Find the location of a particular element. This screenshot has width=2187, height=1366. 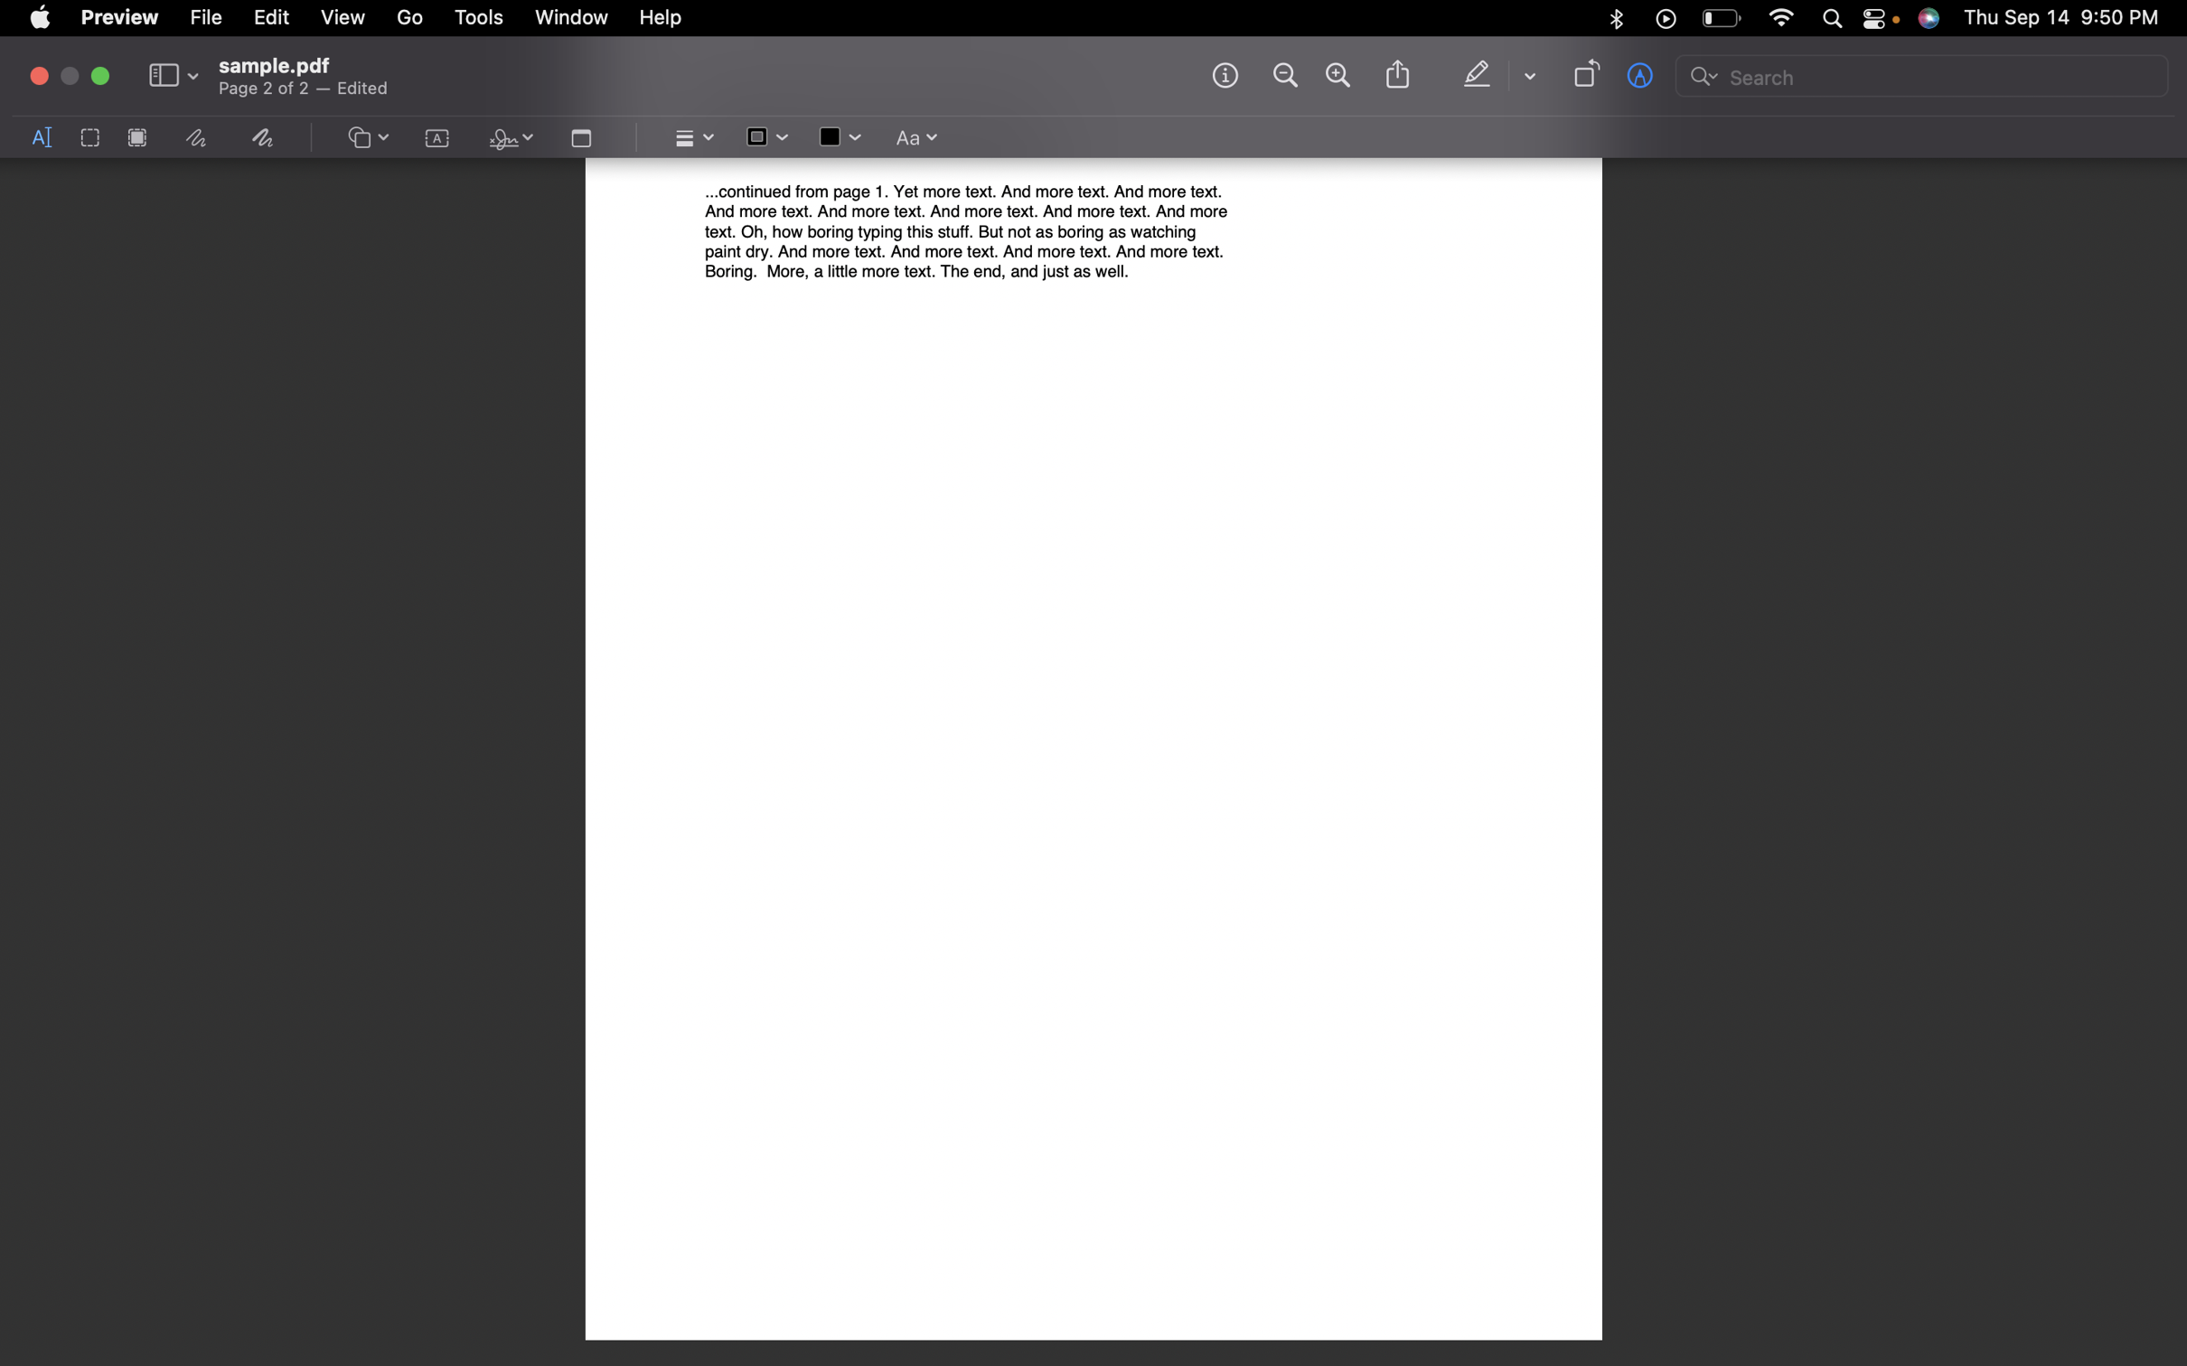

everything present on the screen by dragging from the start to end is located at coordinates (3145999, 314863).